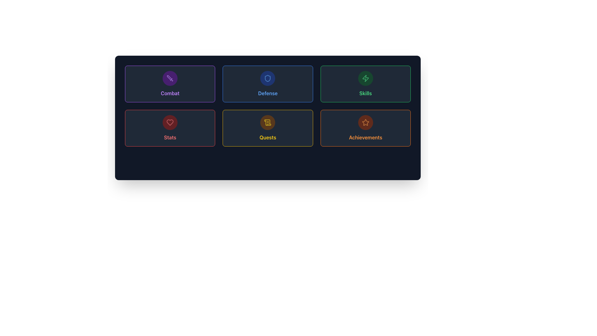  I want to click on the graphical icon resembling a scroll or parchment in the 'Quests' area, situated in the bottom row of the grid layout between 'Stats' and 'Achievements', so click(268, 122).